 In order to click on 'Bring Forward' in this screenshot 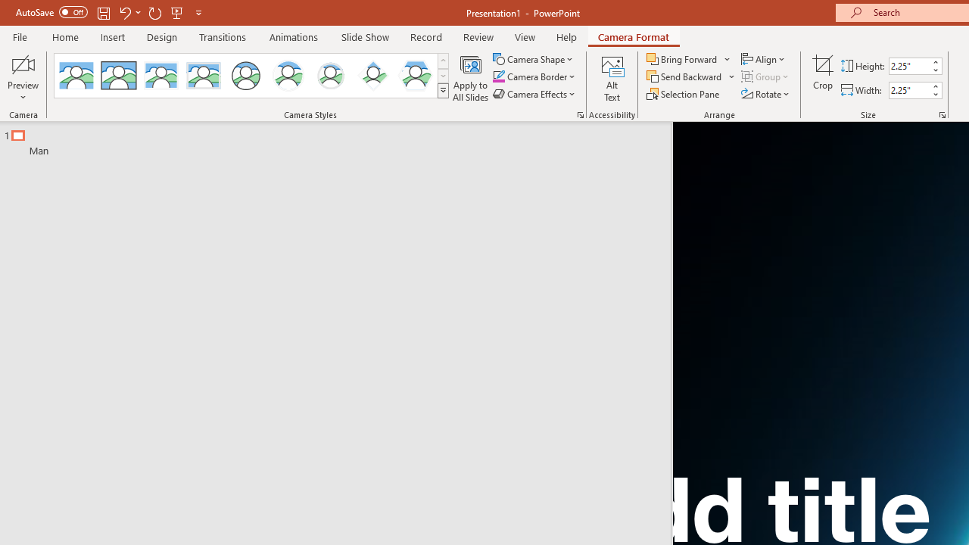, I will do `click(688, 58)`.